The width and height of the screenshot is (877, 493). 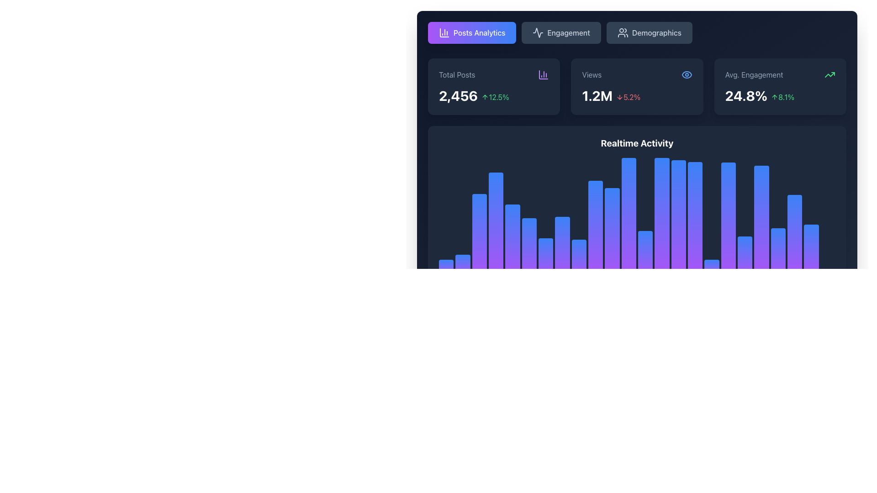 What do you see at coordinates (457, 74) in the screenshot?
I see `the Text label that provides context for the numeric value displayed below it, which is located above the number '2,456' and to the left of a column chart icon` at bounding box center [457, 74].